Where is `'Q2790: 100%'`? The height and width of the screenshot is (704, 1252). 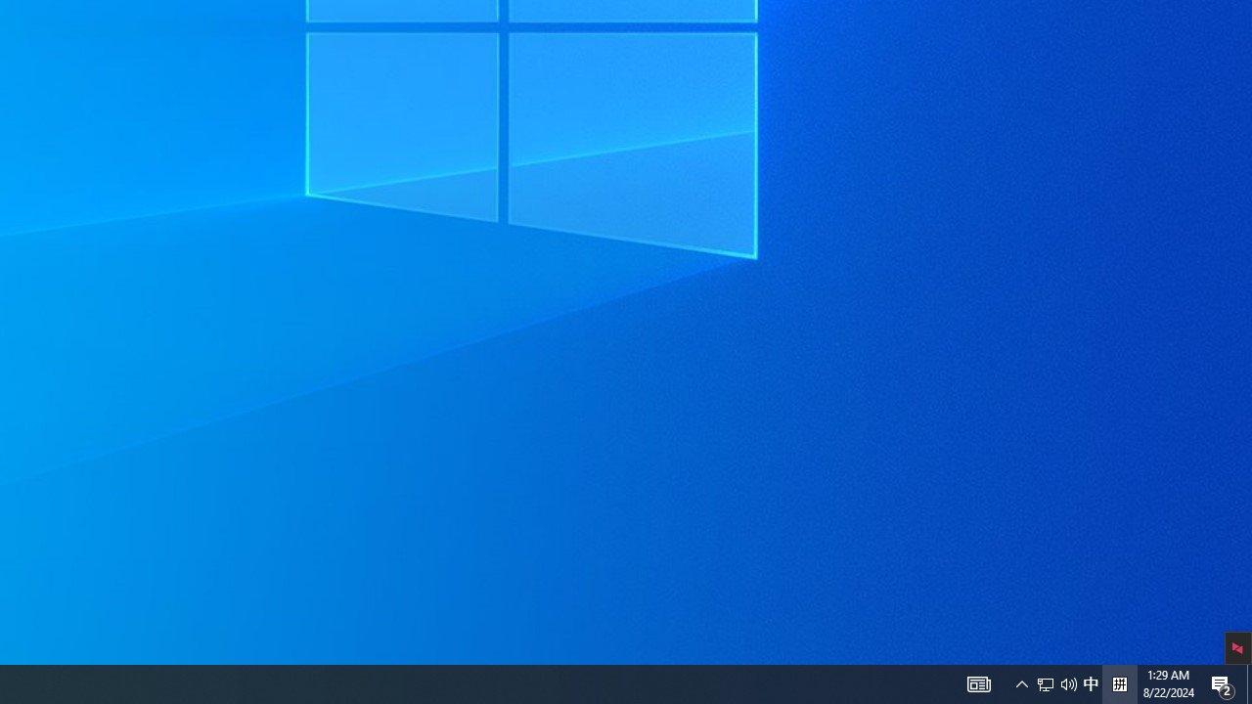 'Q2790: 100%' is located at coordinates (1055, 682).